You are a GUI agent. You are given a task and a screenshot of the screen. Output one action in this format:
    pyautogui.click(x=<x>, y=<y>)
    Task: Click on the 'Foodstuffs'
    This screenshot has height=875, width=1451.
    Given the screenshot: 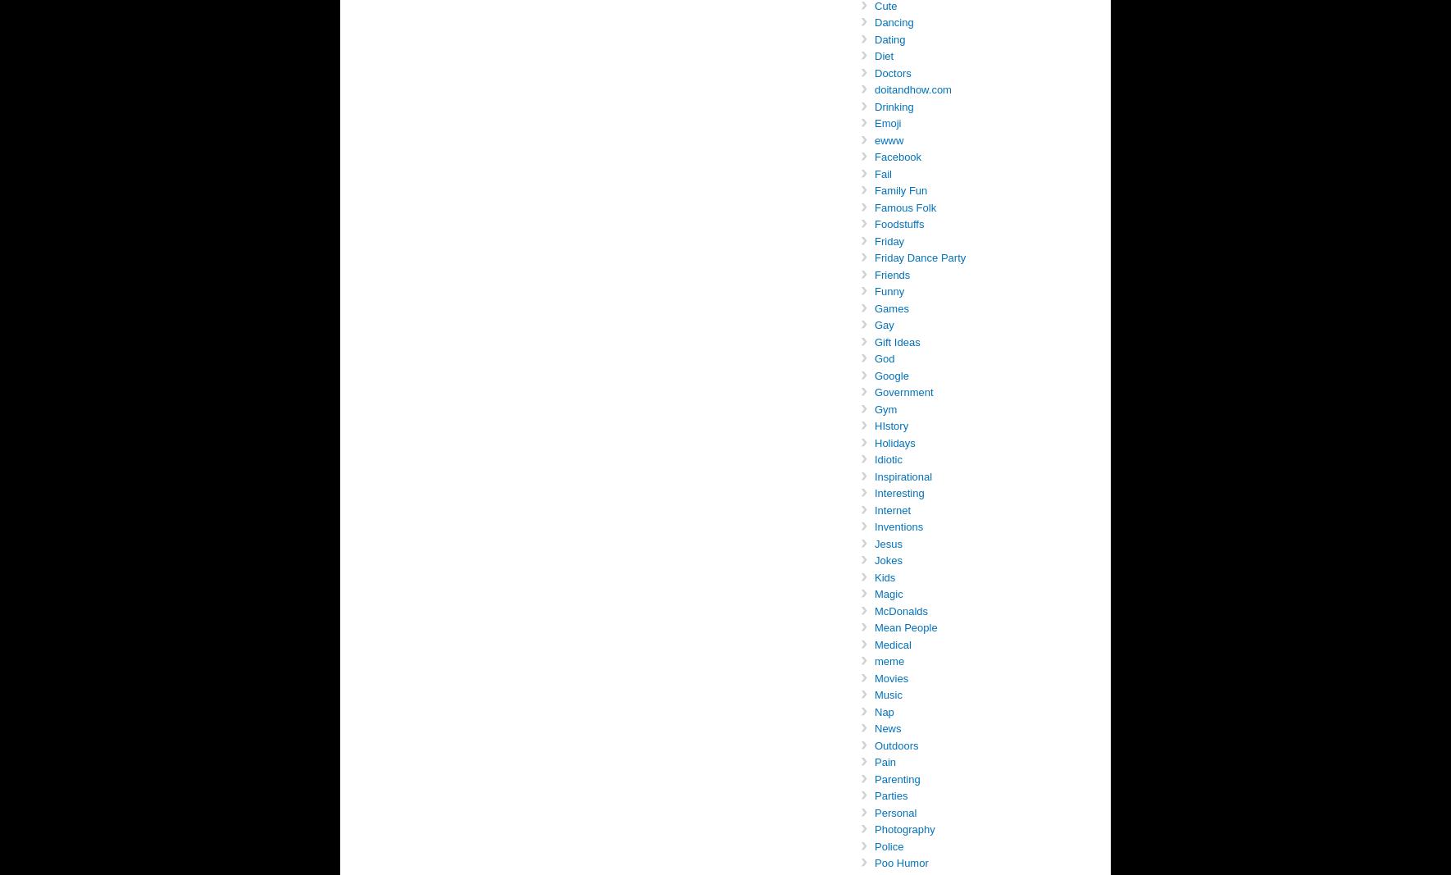 What is the action you would take?
    pyautogui.click(x=899, y=224)
    